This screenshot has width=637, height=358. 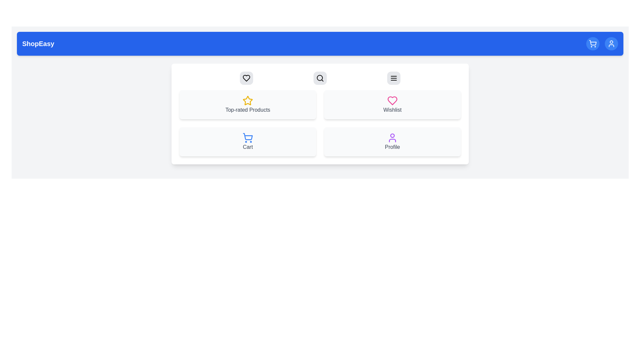 What do you see at coordinates (320, 78) in the screenshot?
I see `the search icon element, which is the third icon from the left on the navigation bar at the top of the interface` at bounding box center [320, 78].